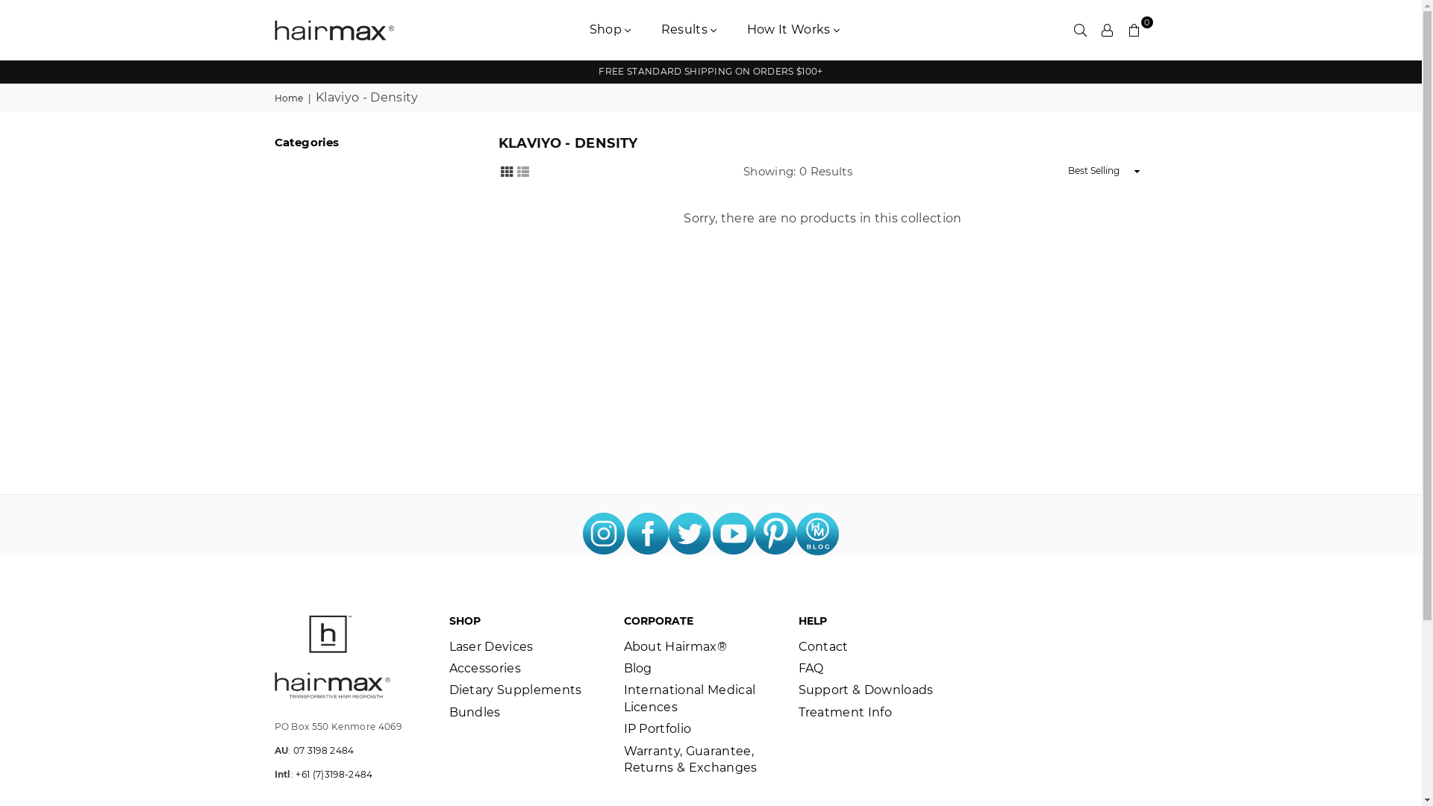 The width and height of the screenshot is (1433, 806). Describe the element at coordinates (798, 690) in the screenshot. I see `'Support & Downloads'` at that location.